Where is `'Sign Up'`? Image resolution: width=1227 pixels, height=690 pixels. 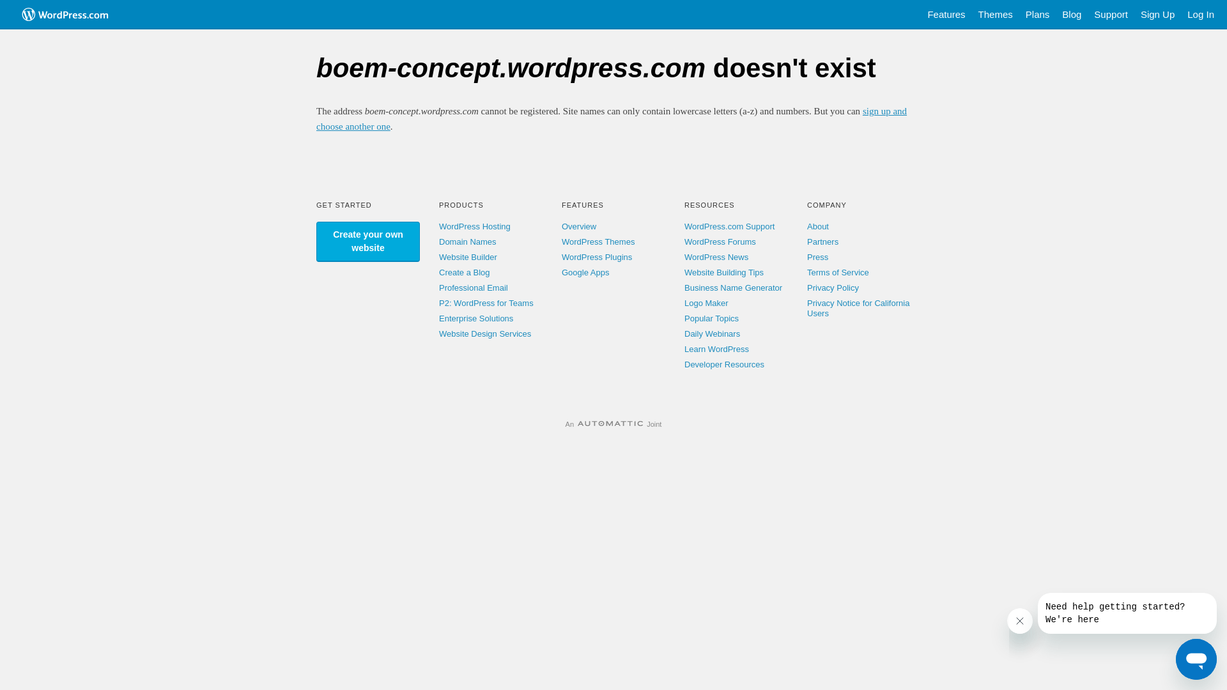 'Sign Up' is located at coordinates (1157, 15).